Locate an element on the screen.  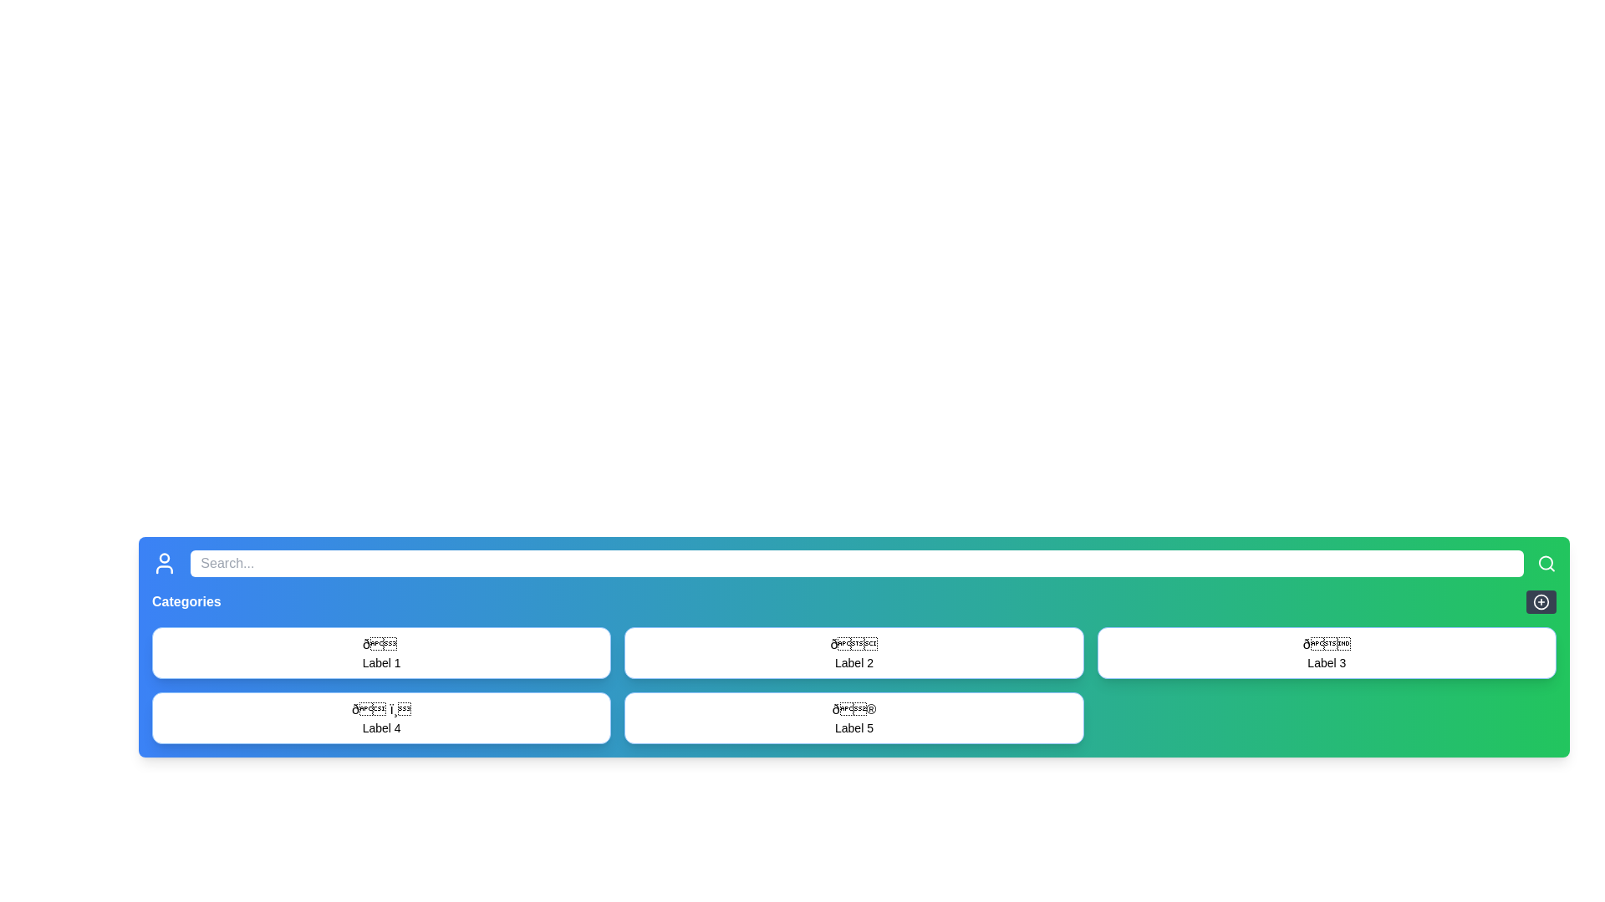
the user profile icon, which is a silhouette of a person in a simple outline design over a blue background is located at coordinates (165, 564).